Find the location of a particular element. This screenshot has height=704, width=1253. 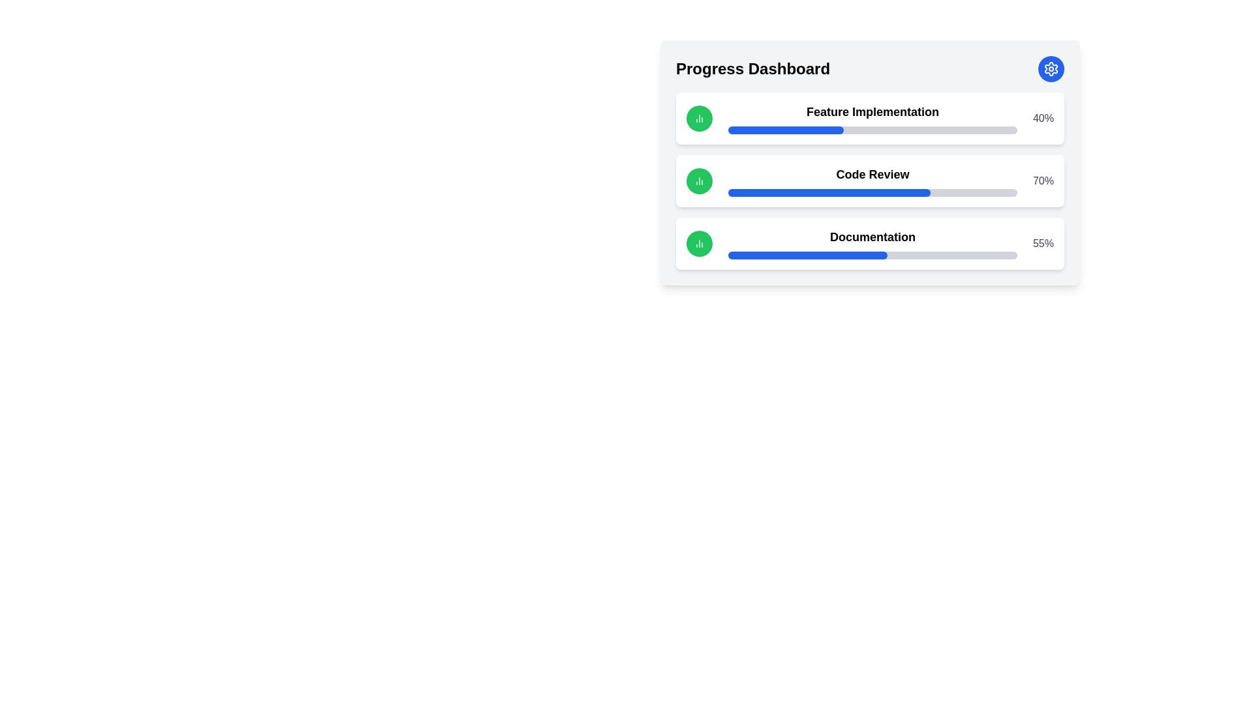

the text label reading 'Feature Implementation', which is the first label among the progress items on the dashboard, positioned above a blue progress bar is located at coordinates (873, 111).